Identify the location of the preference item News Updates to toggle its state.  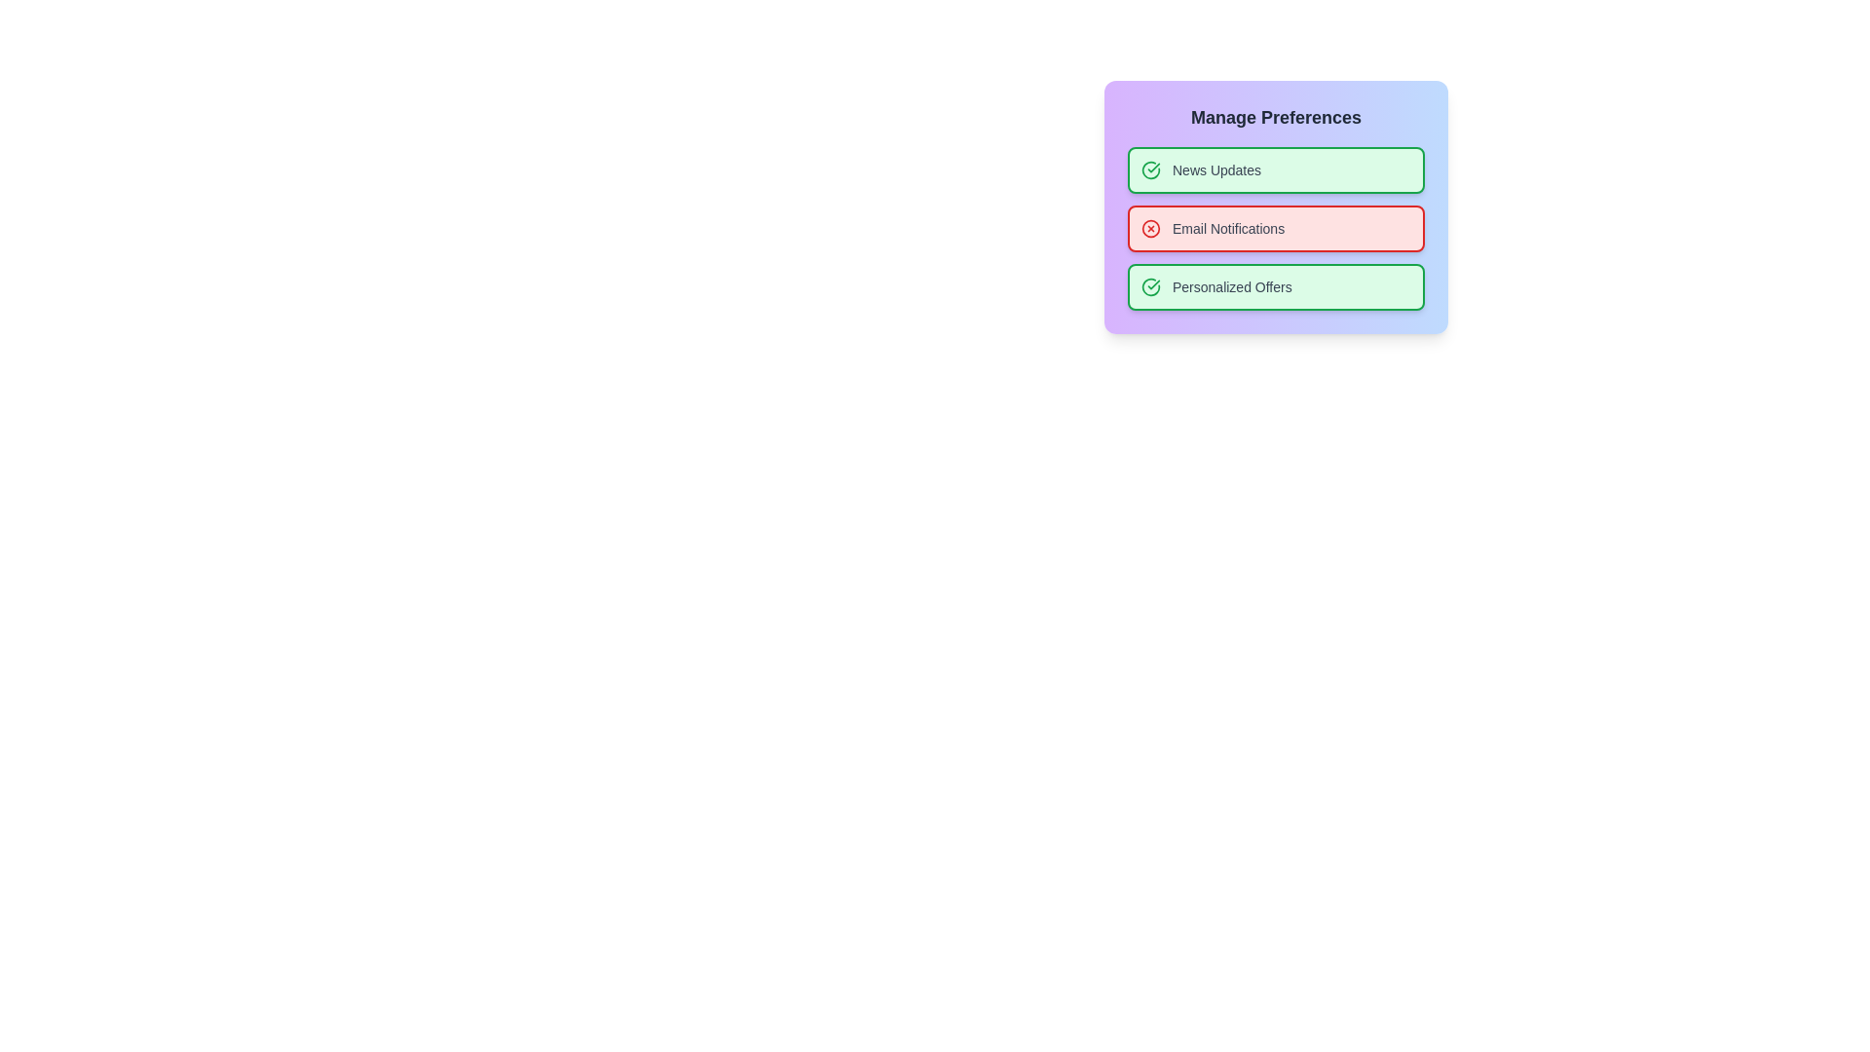
(1276, 169).